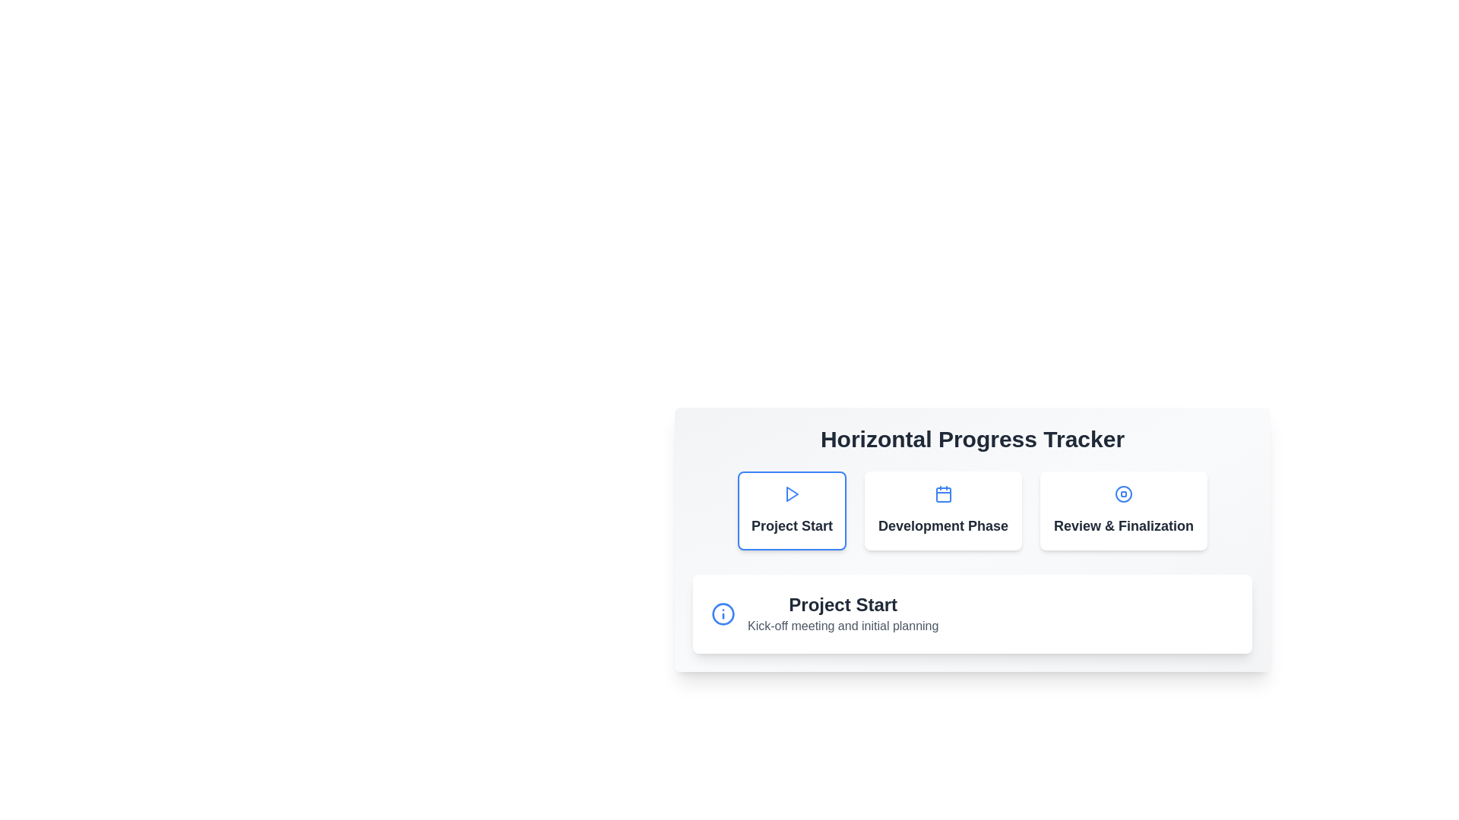 This screenshot has width=1459, height=820. I want to click on bold header text 'Horizontal Progress Tracker' which indicates the purpose of the section containing project phases, so click(973, 439).